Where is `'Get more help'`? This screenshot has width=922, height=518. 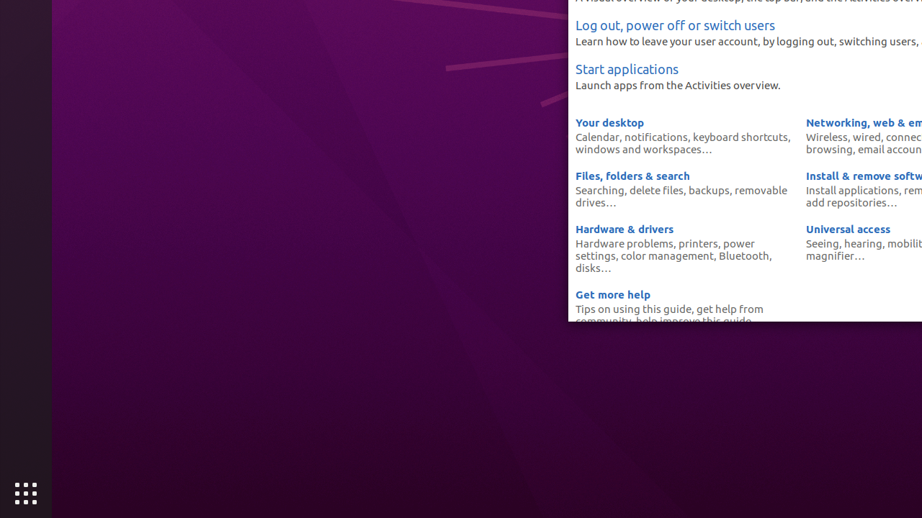
'Get more help' is located at coordinates (612, 294).